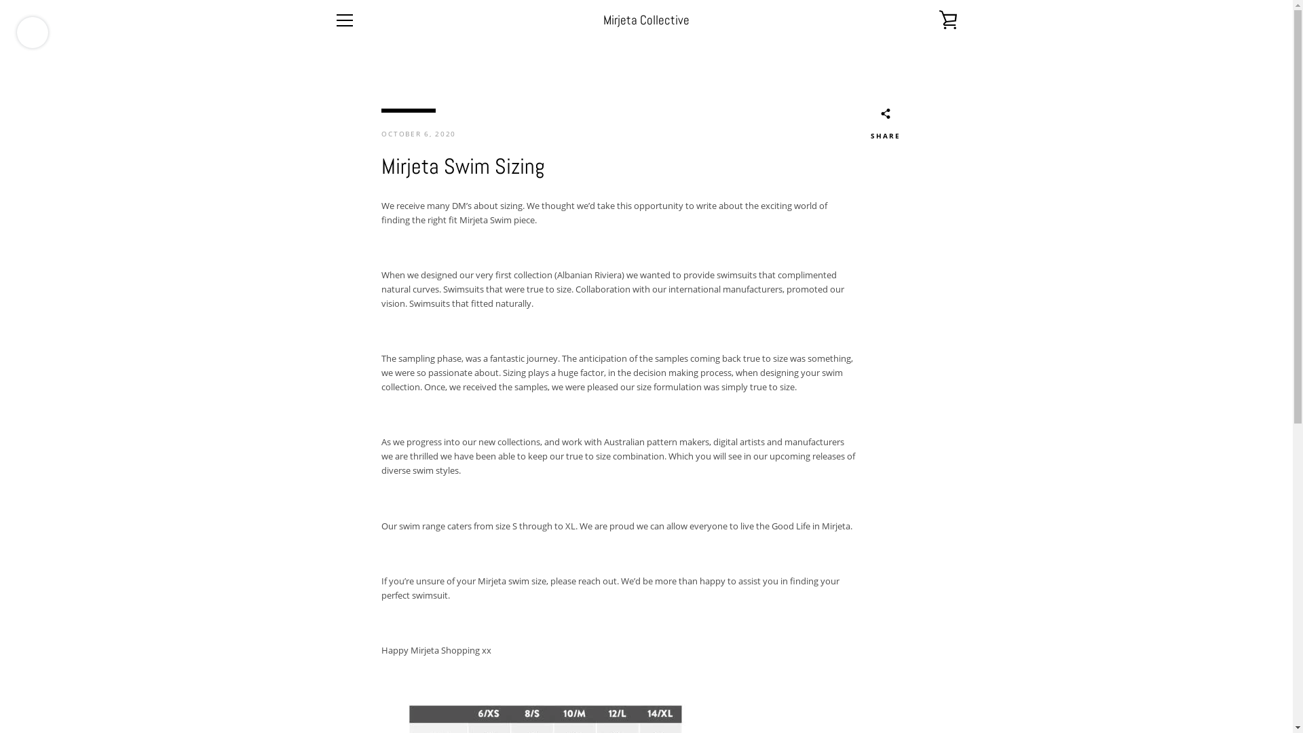 This screenshot has width=1303, height=733. Describe the element at coordinates (0, 0) in the screenshot. I see `'Skip to content'` at that location.